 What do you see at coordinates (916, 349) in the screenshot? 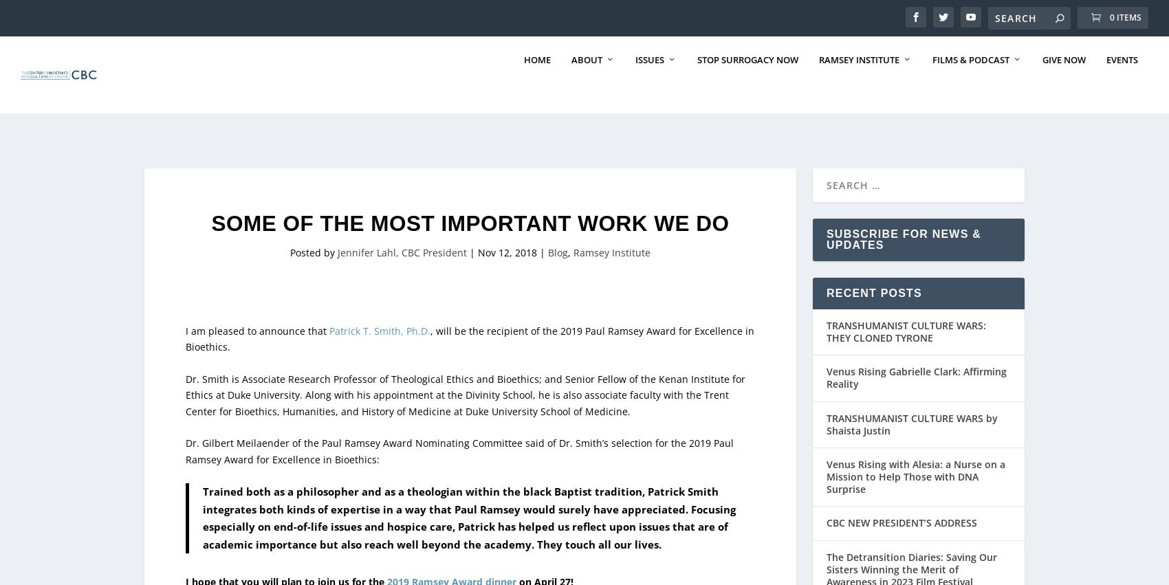
I see `'Venus Rising Gabrielle Clark: Affirming Reality'` at bounding box center [916, 349].